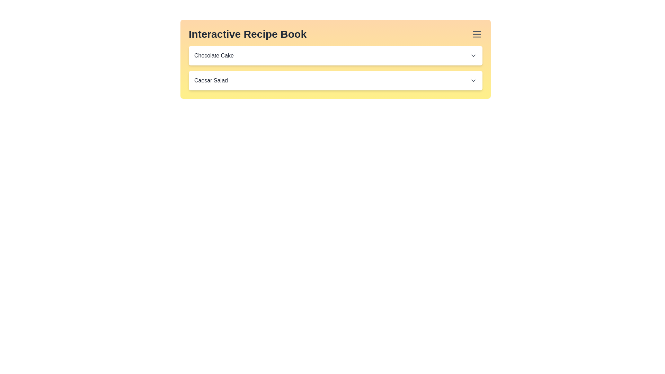  I want to click on the 'Caesar Salad' dropdown item, which is a white rounded rectangular box with a shadow effect, so click(336, 80).